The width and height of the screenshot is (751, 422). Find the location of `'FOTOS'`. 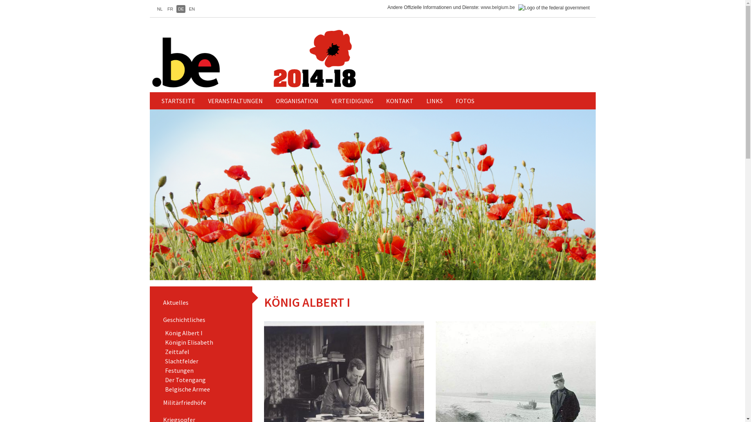

'FOTOS' is located at coordinates (465, 100).